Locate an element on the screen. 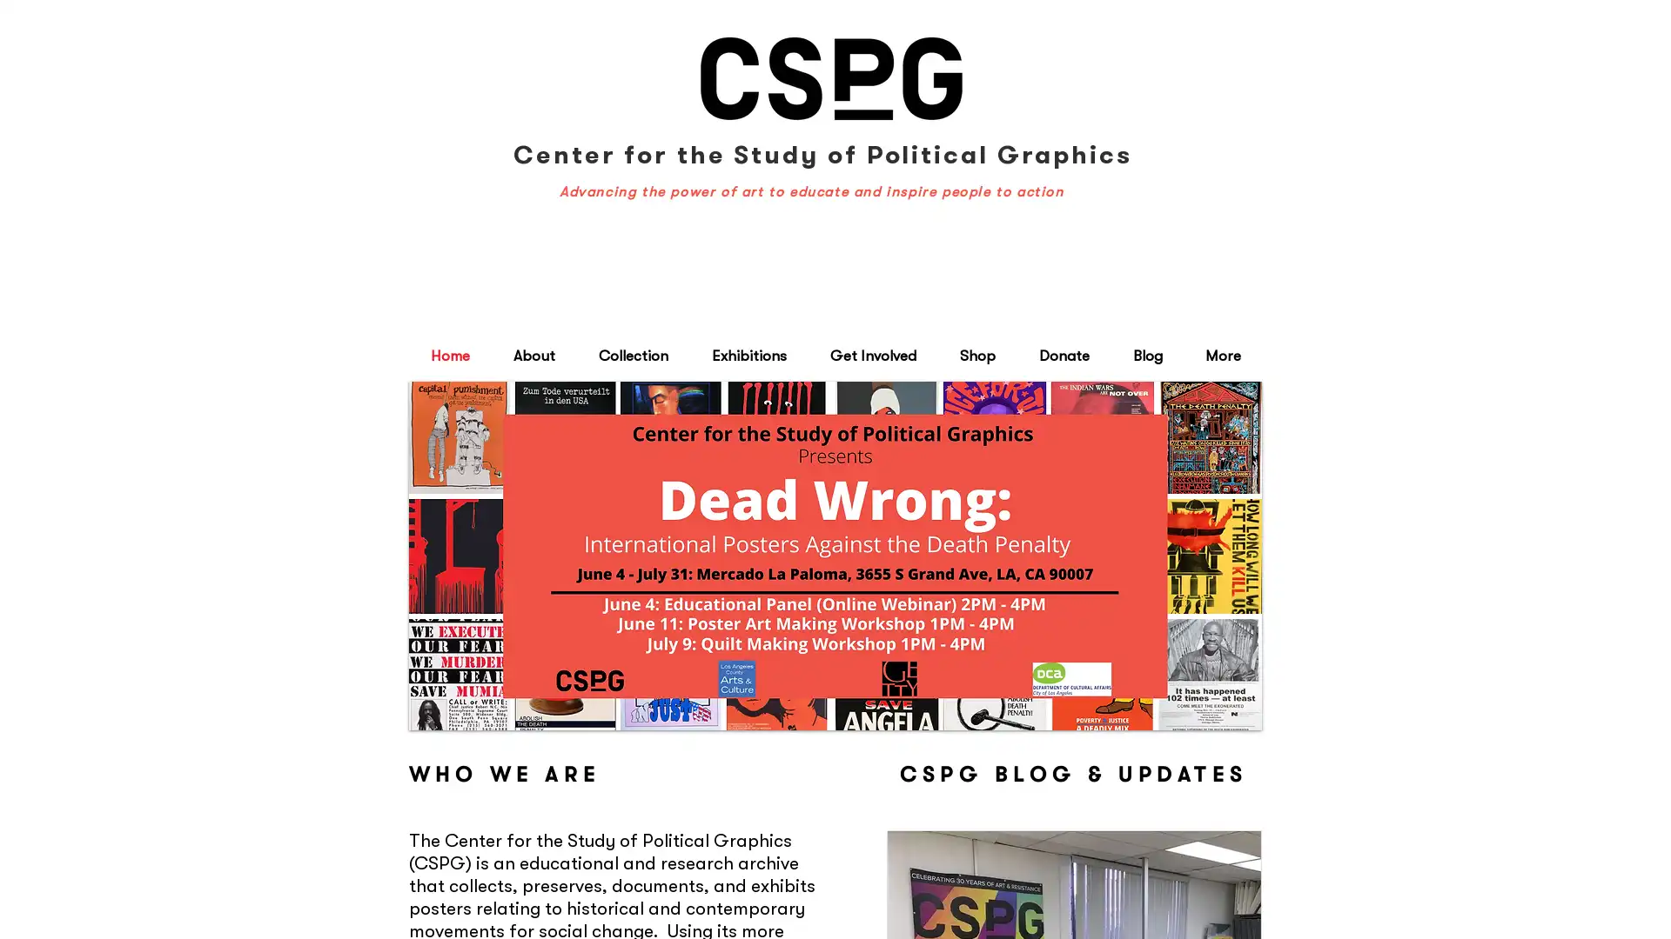  play is located at coordinates (1222, 715).